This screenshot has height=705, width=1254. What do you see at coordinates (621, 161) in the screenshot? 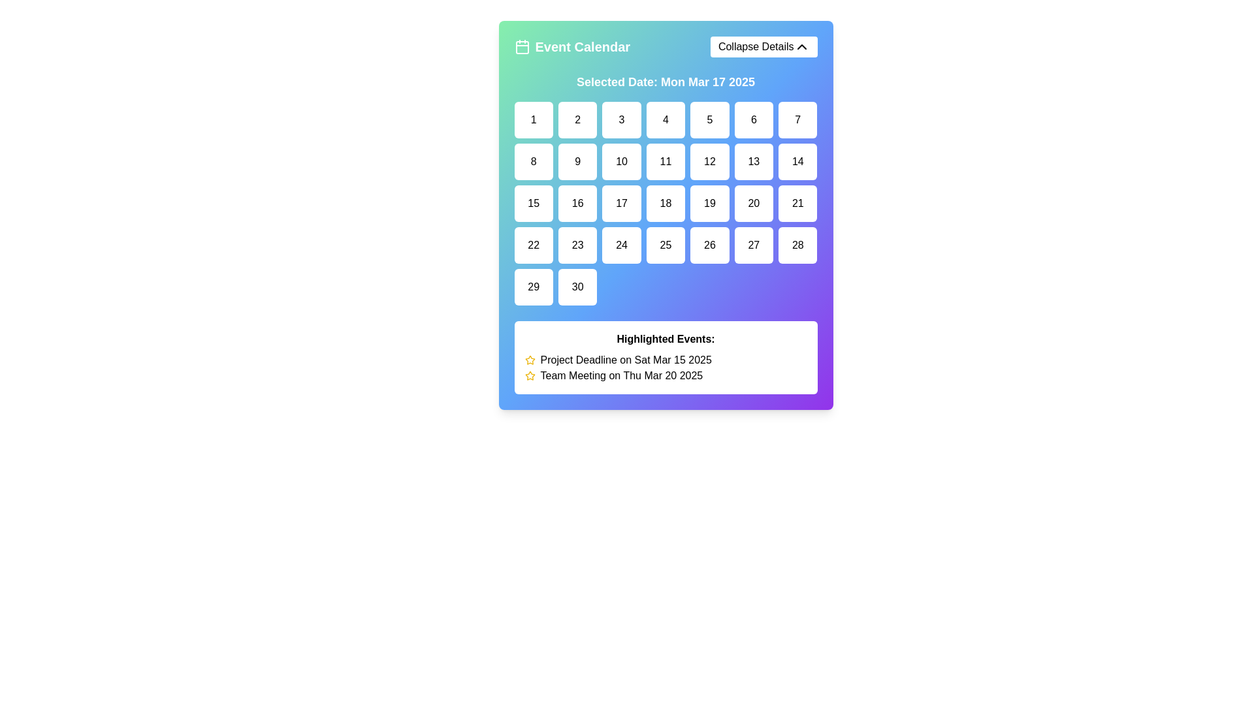
I see `the calendar cell containing the date '10'` at bounding box center [621, 161].